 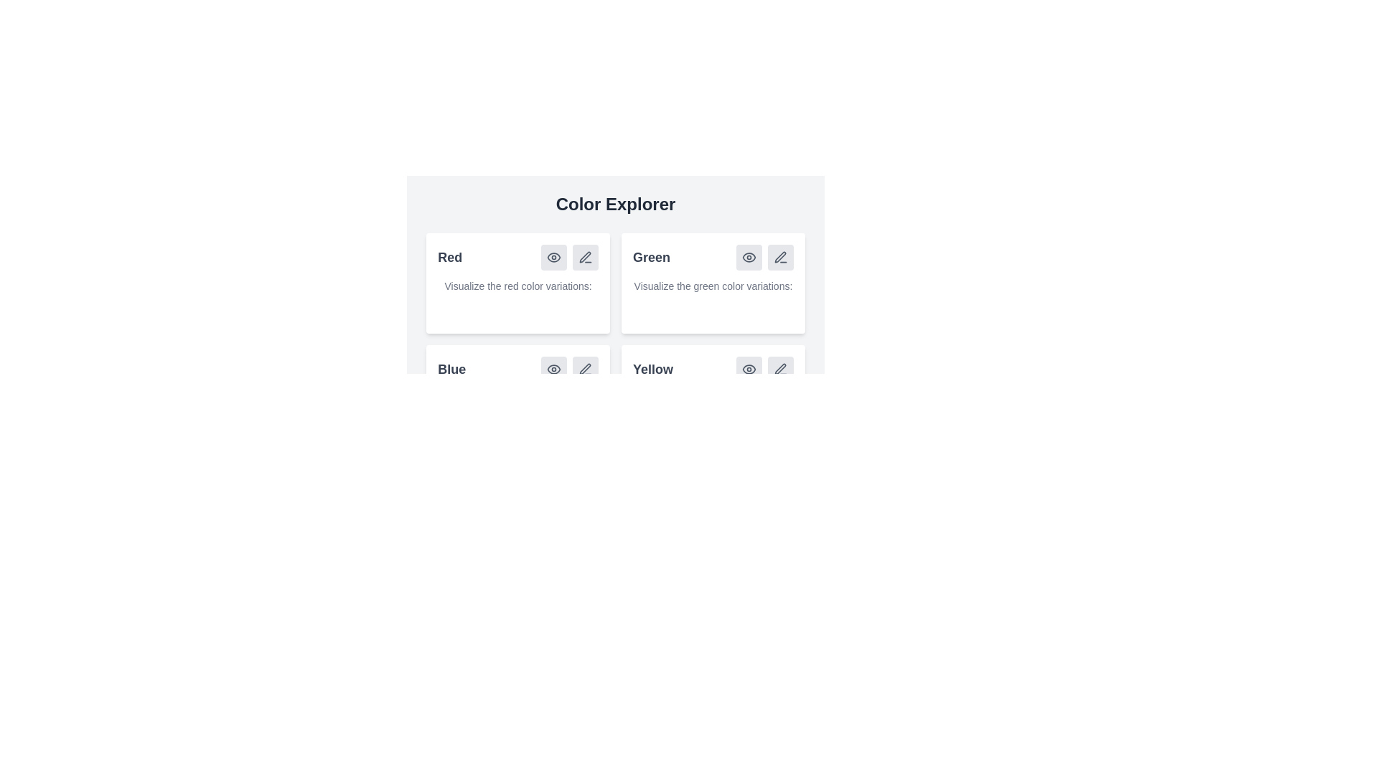 What do you see at coordinates (779, 256) in the screenshot?
I see `the gray pen icon located in the Green section to initiate editing` at bounding box center [779, 256].